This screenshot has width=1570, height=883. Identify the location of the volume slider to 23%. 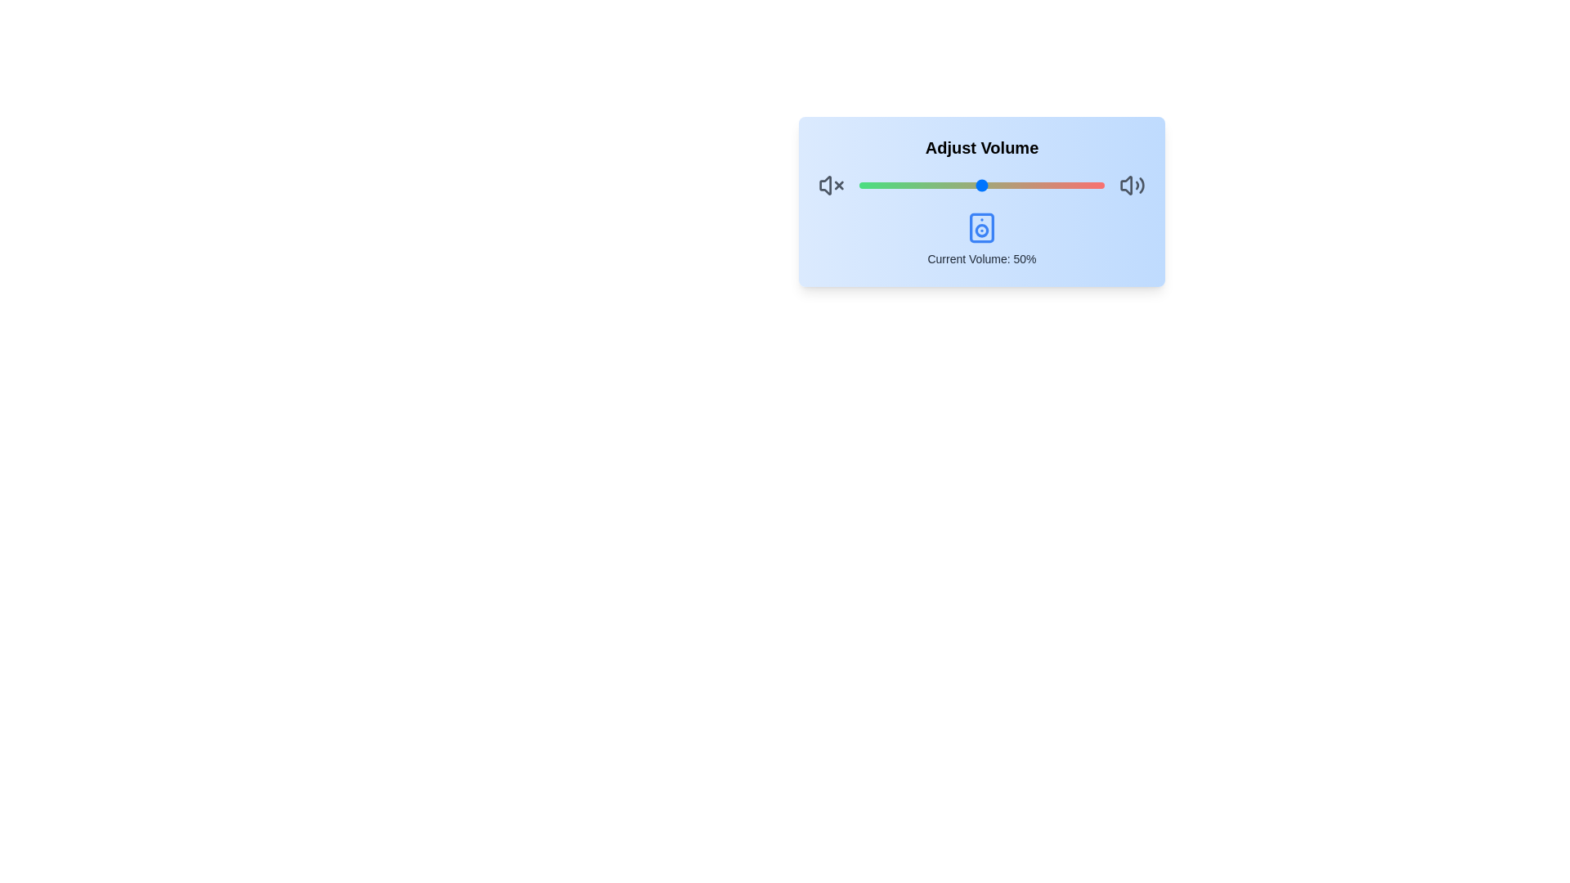
(914, 185).